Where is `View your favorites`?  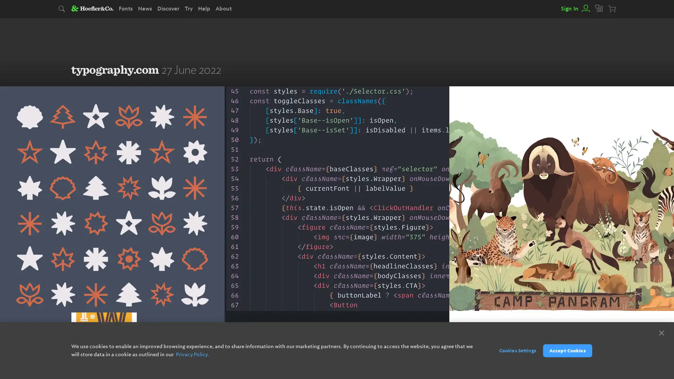 View your favorites is located at coordinates (599, 8).